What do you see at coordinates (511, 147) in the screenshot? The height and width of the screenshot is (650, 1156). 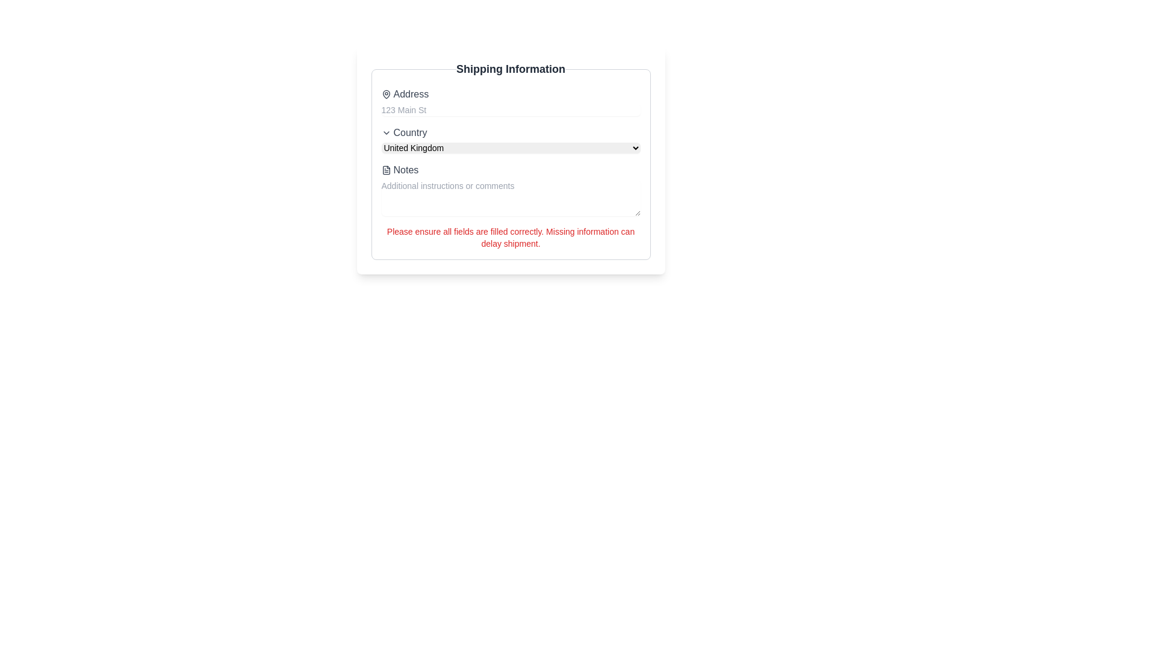 I see `the 'Country' dropdown menu in the 'Shipping Information' section by tabbing through the interactive elements` at bounding box center [511, 147].